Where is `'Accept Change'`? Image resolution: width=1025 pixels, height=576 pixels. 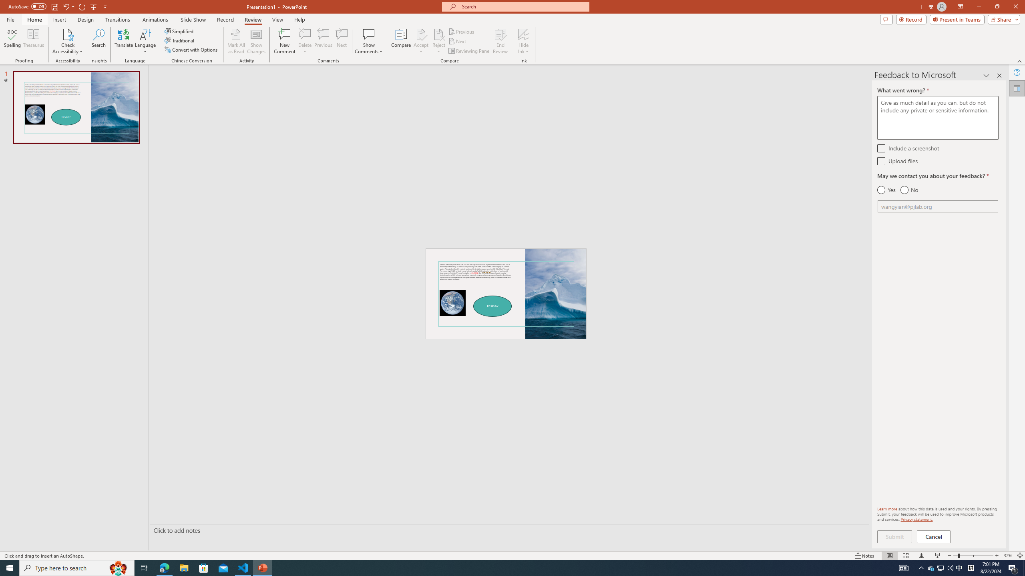
'Accept Change' is located at coordinates (421, 34).